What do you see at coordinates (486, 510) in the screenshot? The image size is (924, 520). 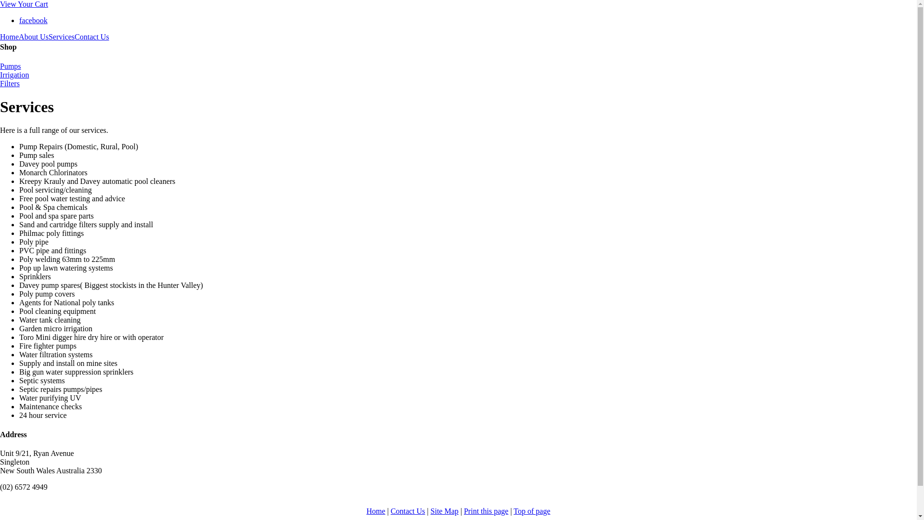 I see `'Print this page'` at bounding box center [486, 510].